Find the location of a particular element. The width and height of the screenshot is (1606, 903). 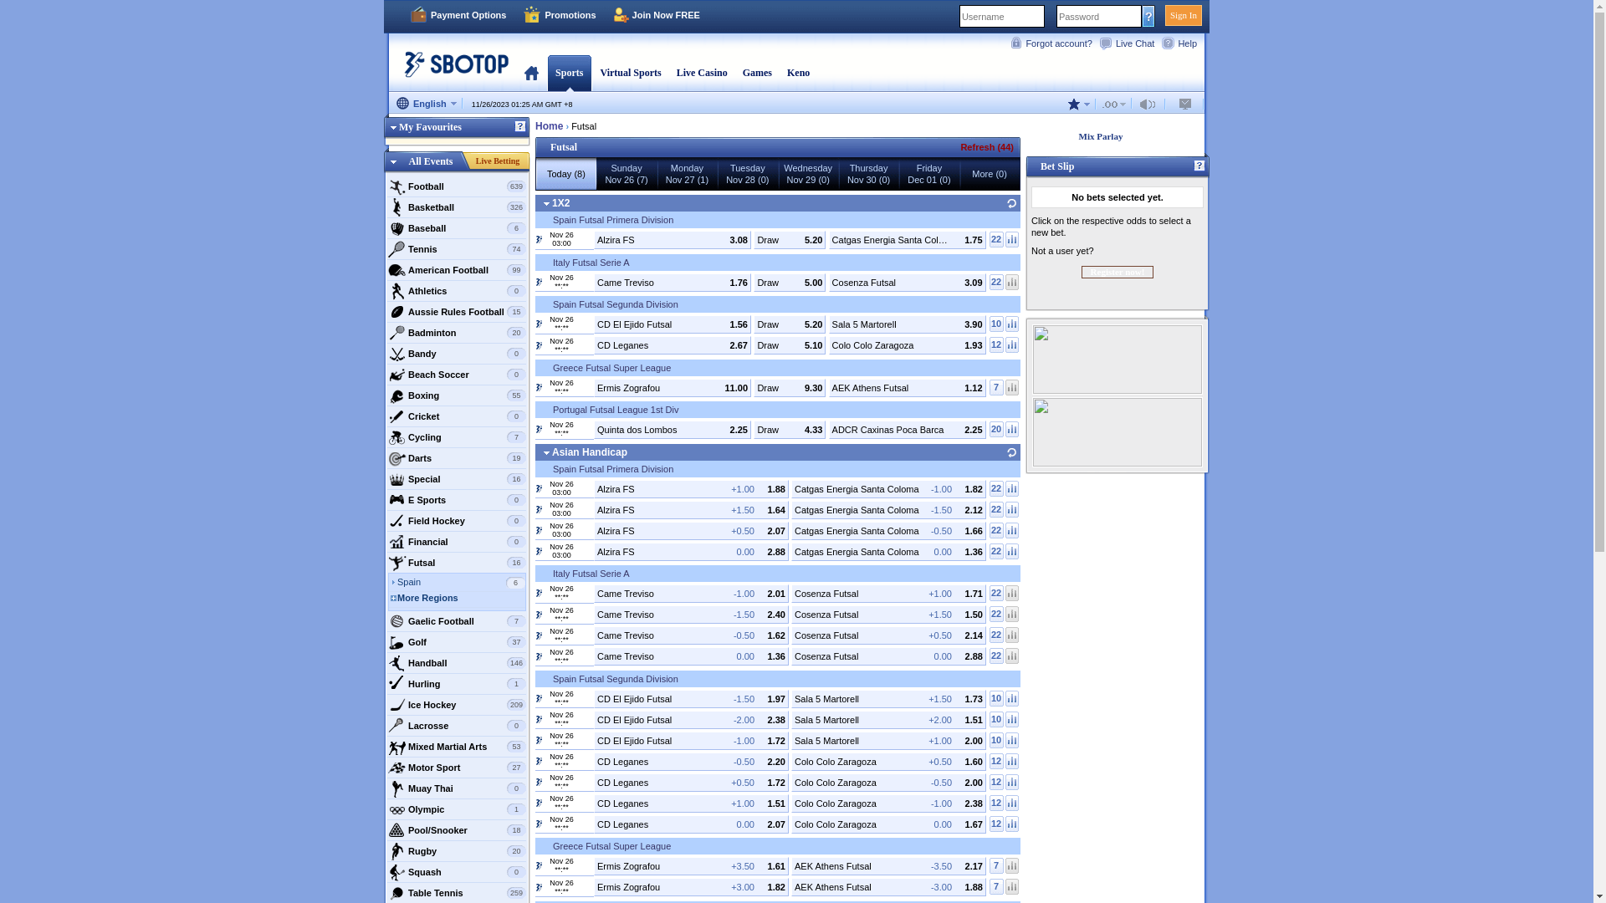

'English' is located at coordinates (426, 104).